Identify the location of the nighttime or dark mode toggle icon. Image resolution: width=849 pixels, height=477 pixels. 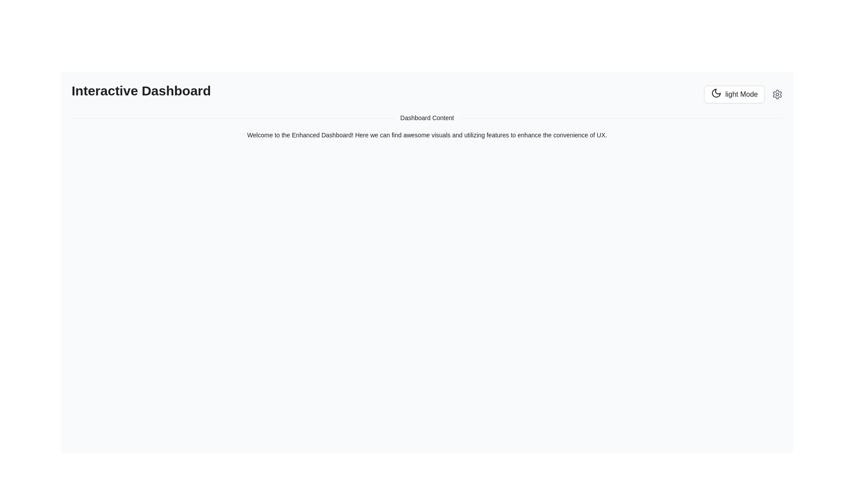
(716, 93).